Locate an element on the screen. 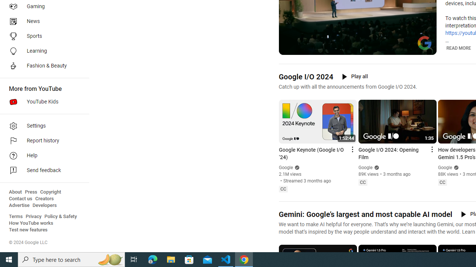 The image size is (476, 267). 'Google I/O 2024' is located at coordinates (306, 76).